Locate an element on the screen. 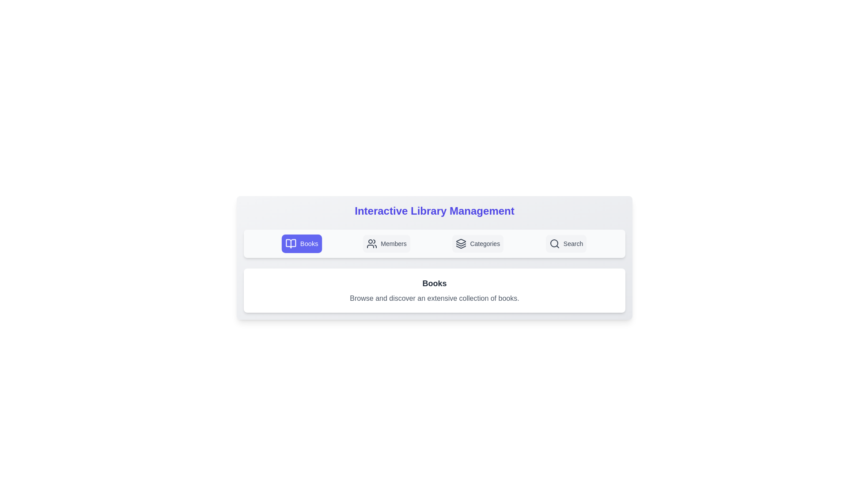  the text block that contains the sentence 'Browse and discover an extensive collection of books.' styled in muted gray, located below the heading 'Books' within a white rectangular card is located at coordinates (434, 298).